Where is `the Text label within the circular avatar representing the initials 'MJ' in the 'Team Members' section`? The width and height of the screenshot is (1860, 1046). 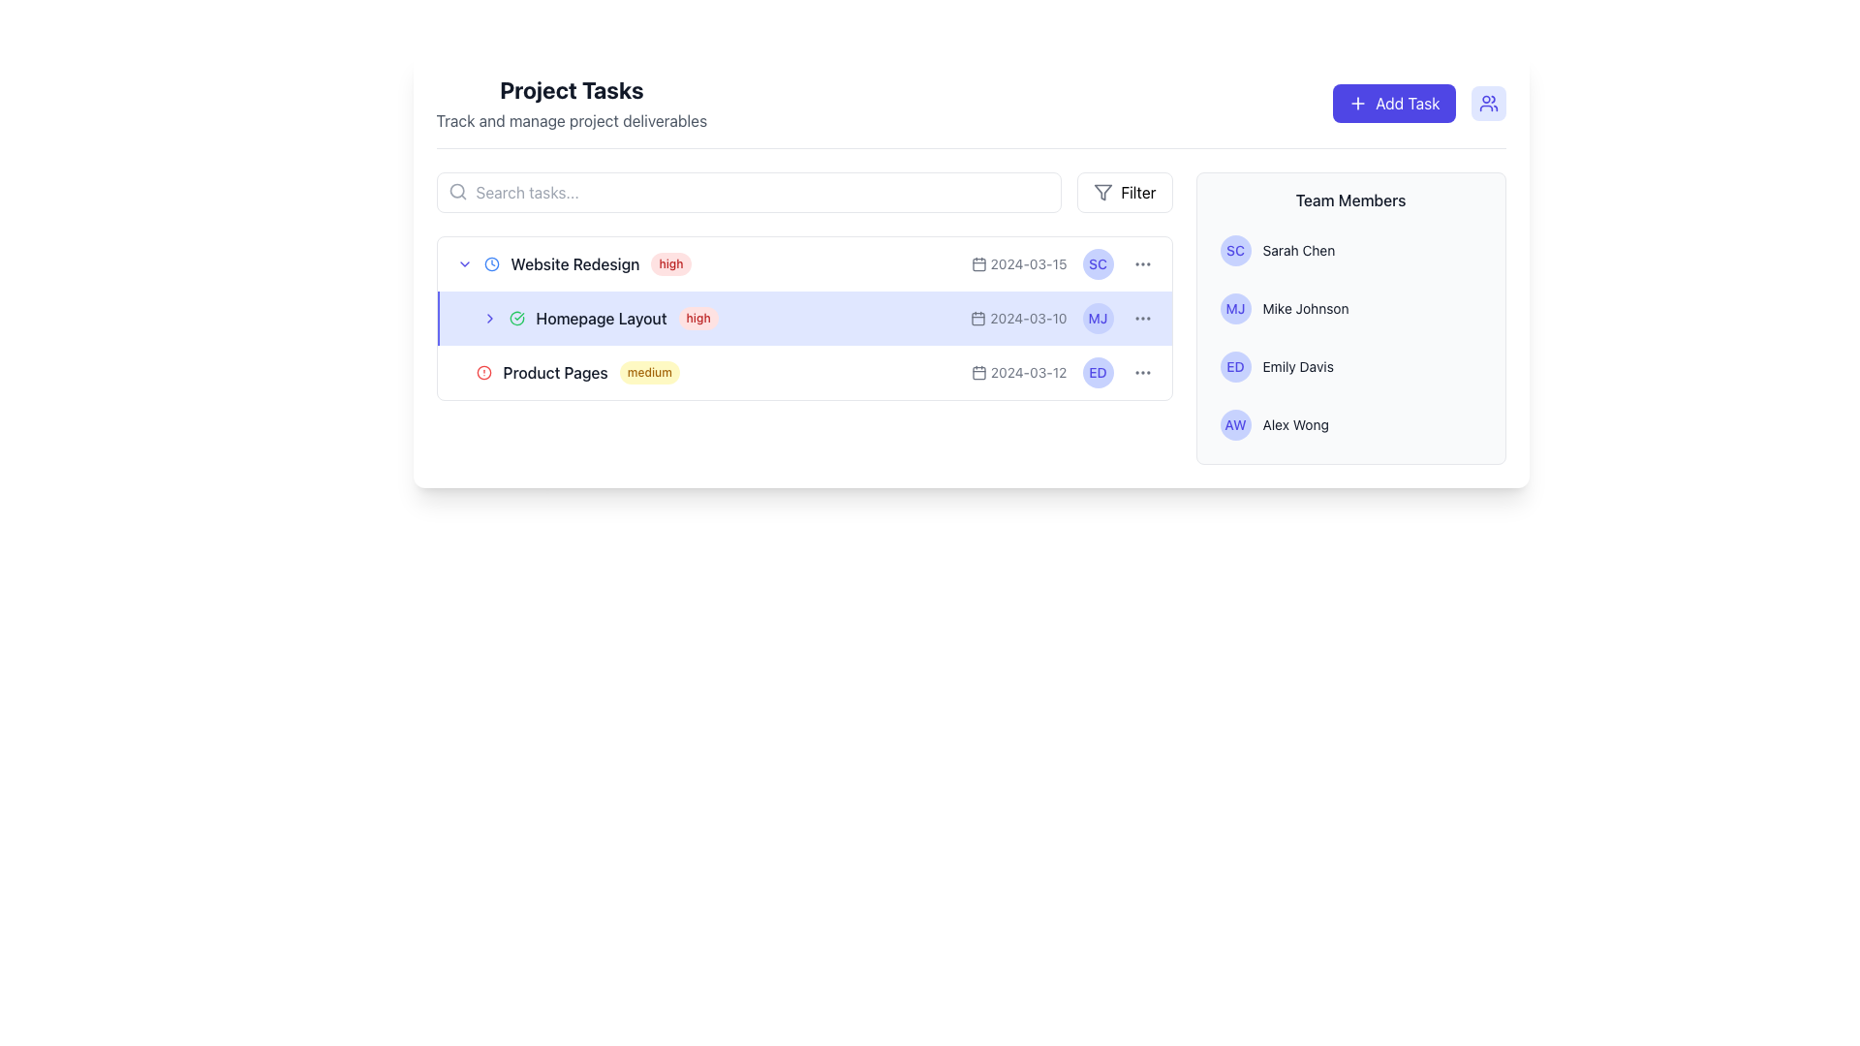
the Text label within the circular avatar representing the initials 'MJ' in the 'Team Members' section is located at coordinates (1098, 317).